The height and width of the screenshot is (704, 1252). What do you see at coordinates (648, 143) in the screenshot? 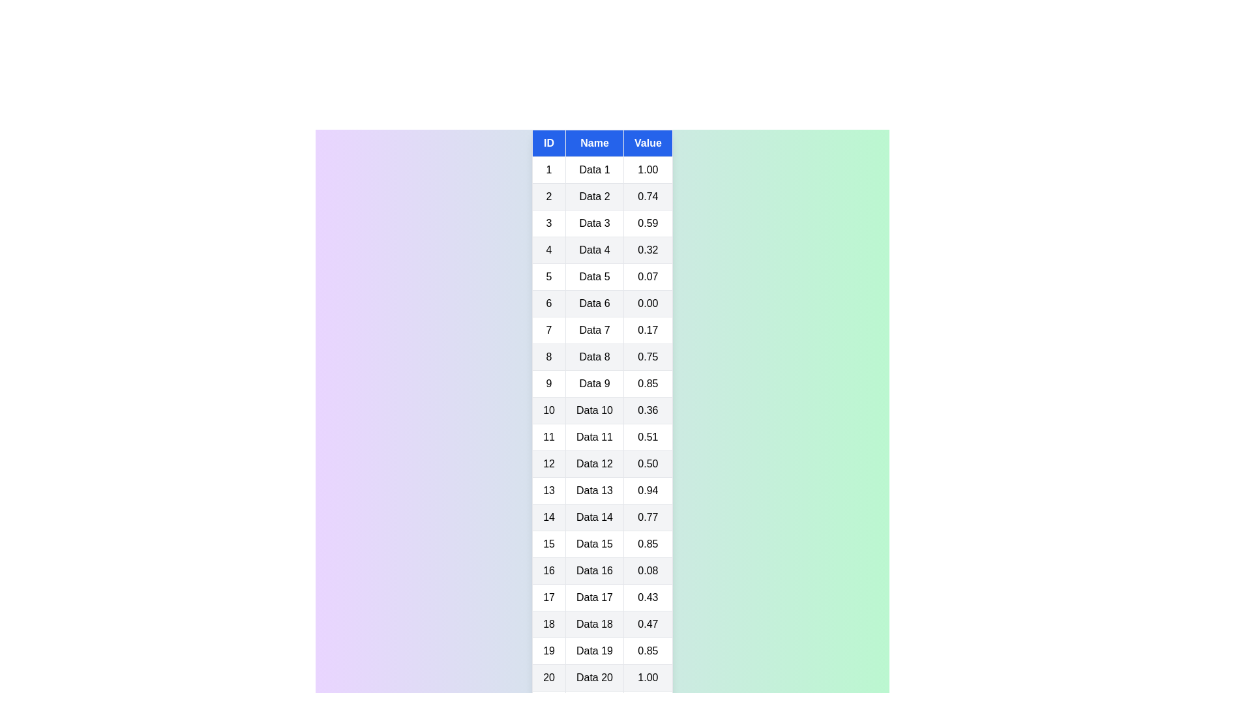
I see `the table header Value to sort the table` at bounding box center [648, 143].